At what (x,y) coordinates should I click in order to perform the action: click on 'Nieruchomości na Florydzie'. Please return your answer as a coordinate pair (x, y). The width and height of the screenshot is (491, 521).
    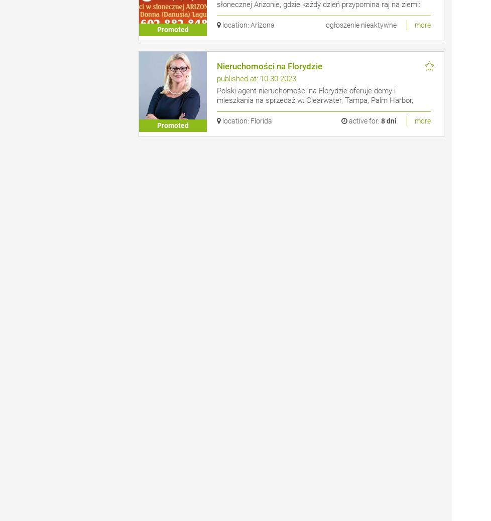
    Looking at the image, I should click on (216, 66).